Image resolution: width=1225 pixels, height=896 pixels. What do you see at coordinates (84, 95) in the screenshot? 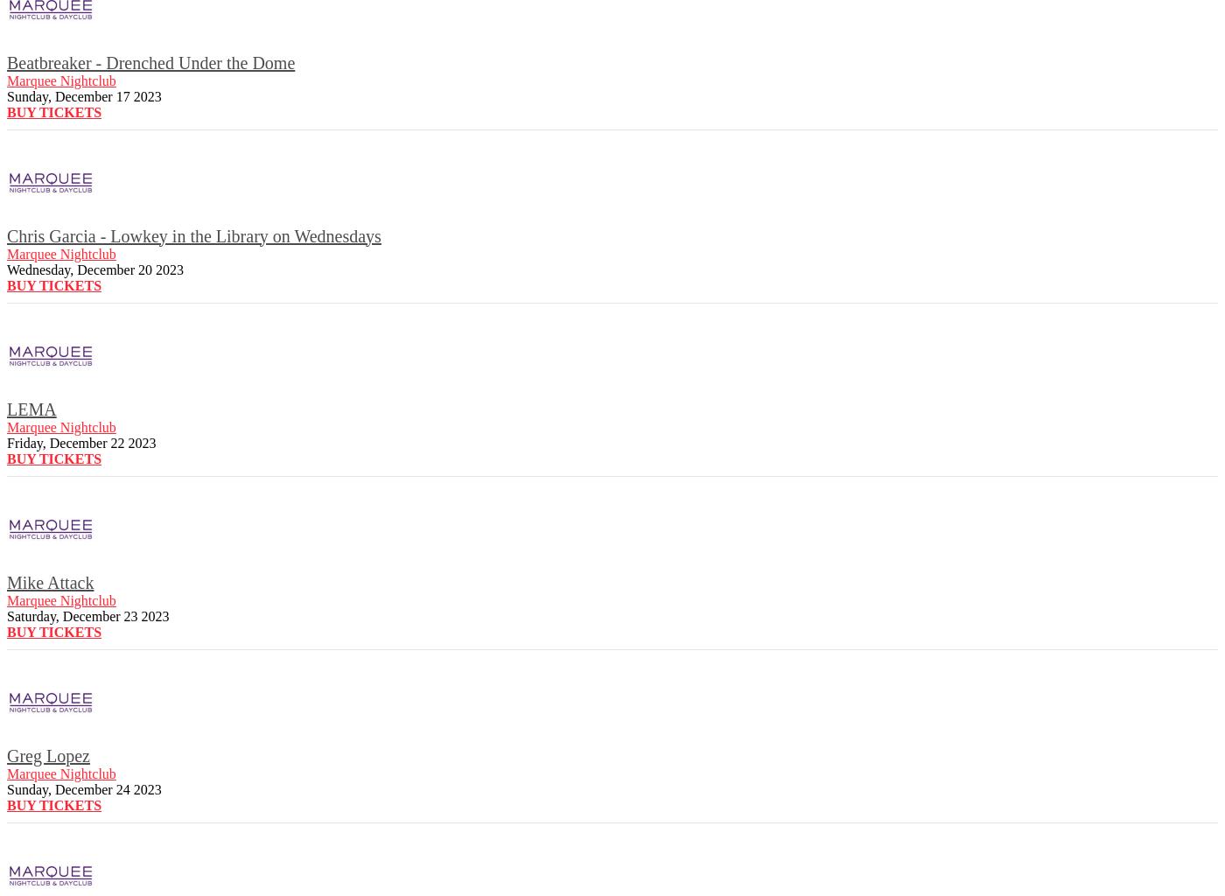
I see `'Sunday, December 17 2023'` at bounding box center [84, 95].